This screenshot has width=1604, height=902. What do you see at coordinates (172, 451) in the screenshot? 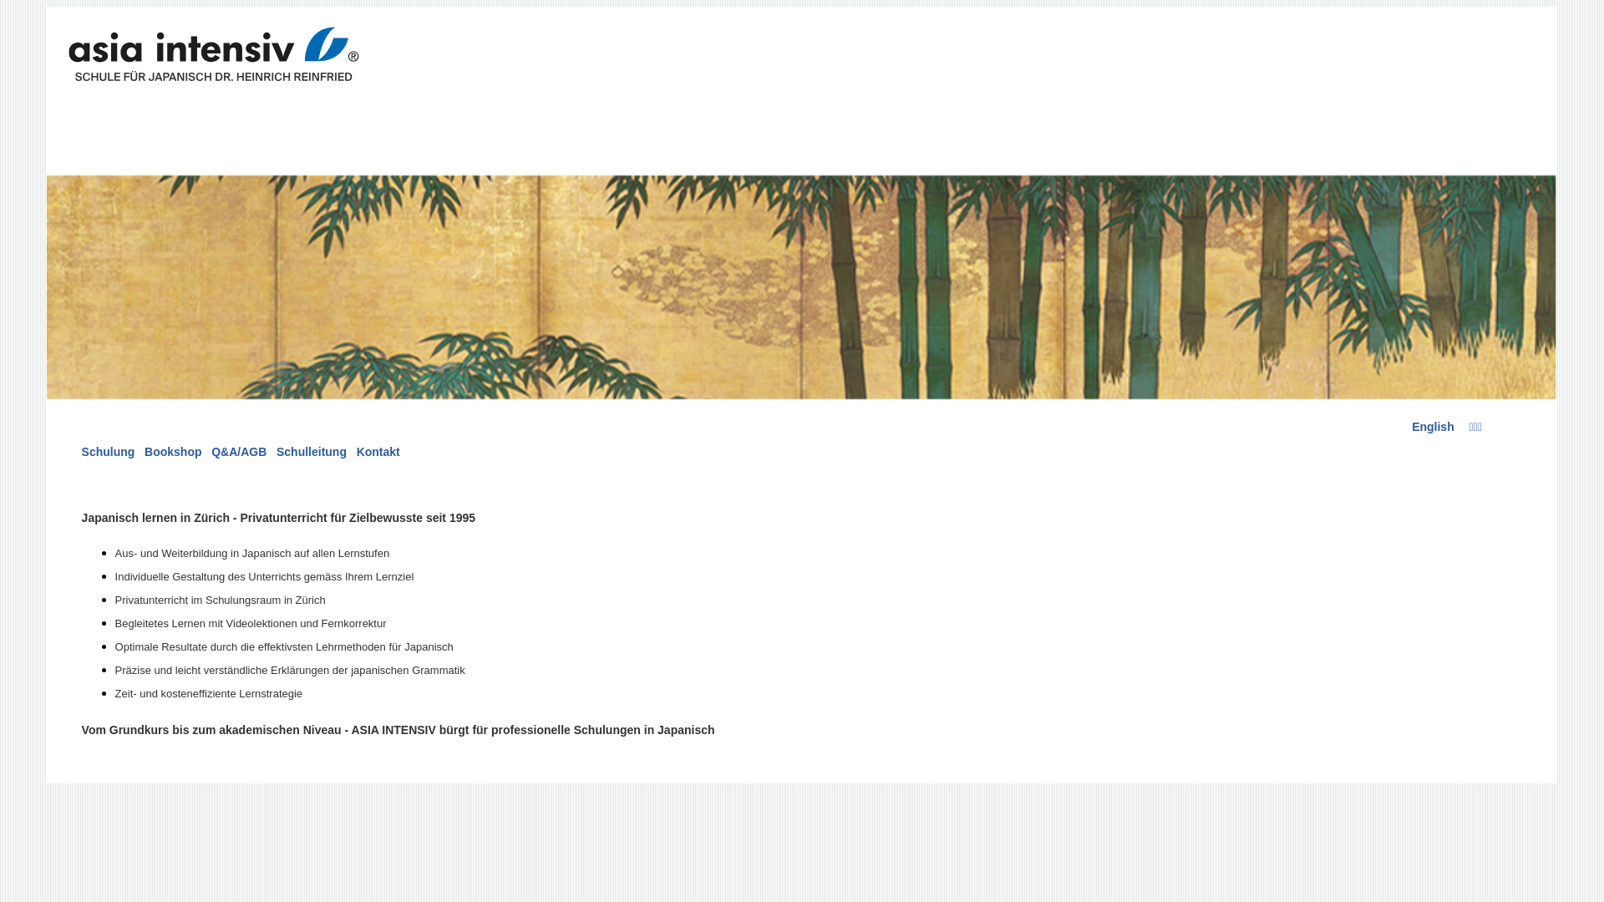
I see `'Bookshop'` at bounding box center [172, 451].